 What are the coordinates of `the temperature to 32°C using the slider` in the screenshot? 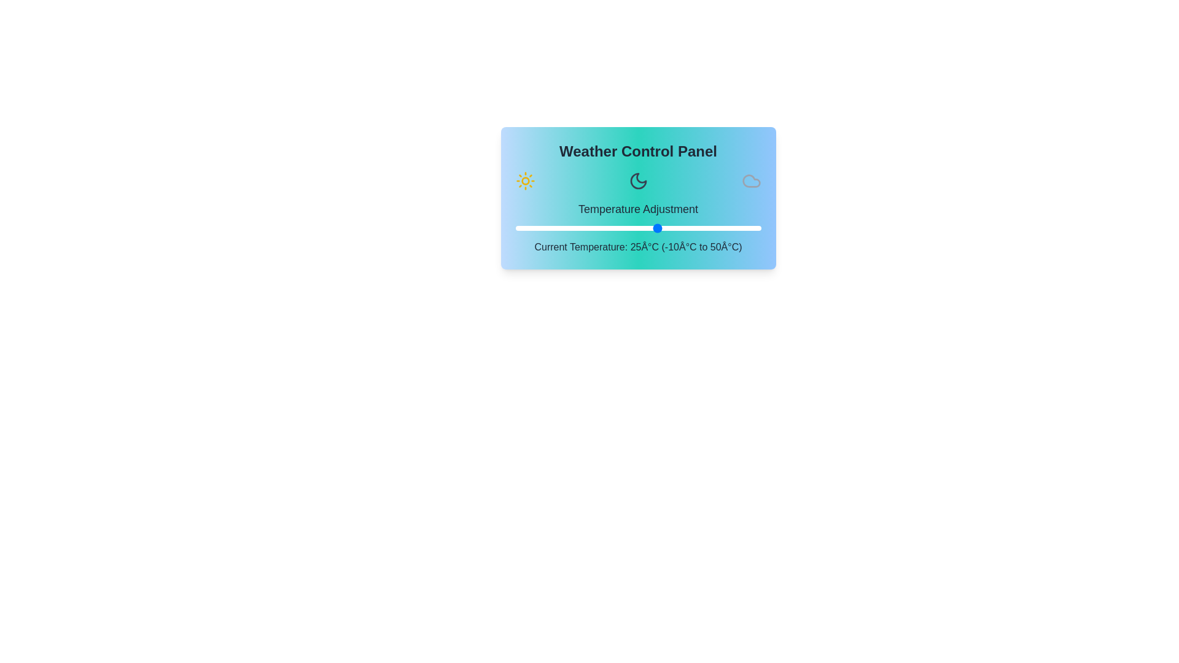 It's located at (687, 228).